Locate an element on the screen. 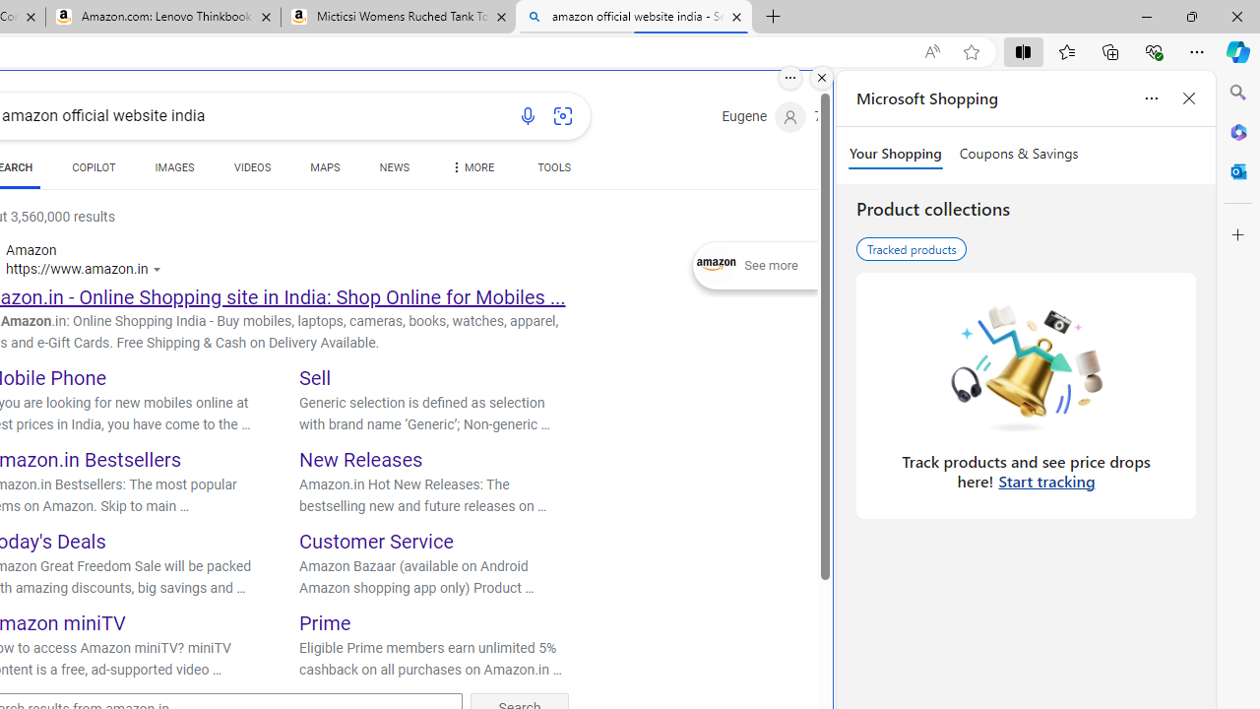 This screenshot has height=709, width=1260. 'COPILOT' is located at coordinates (93, 169).